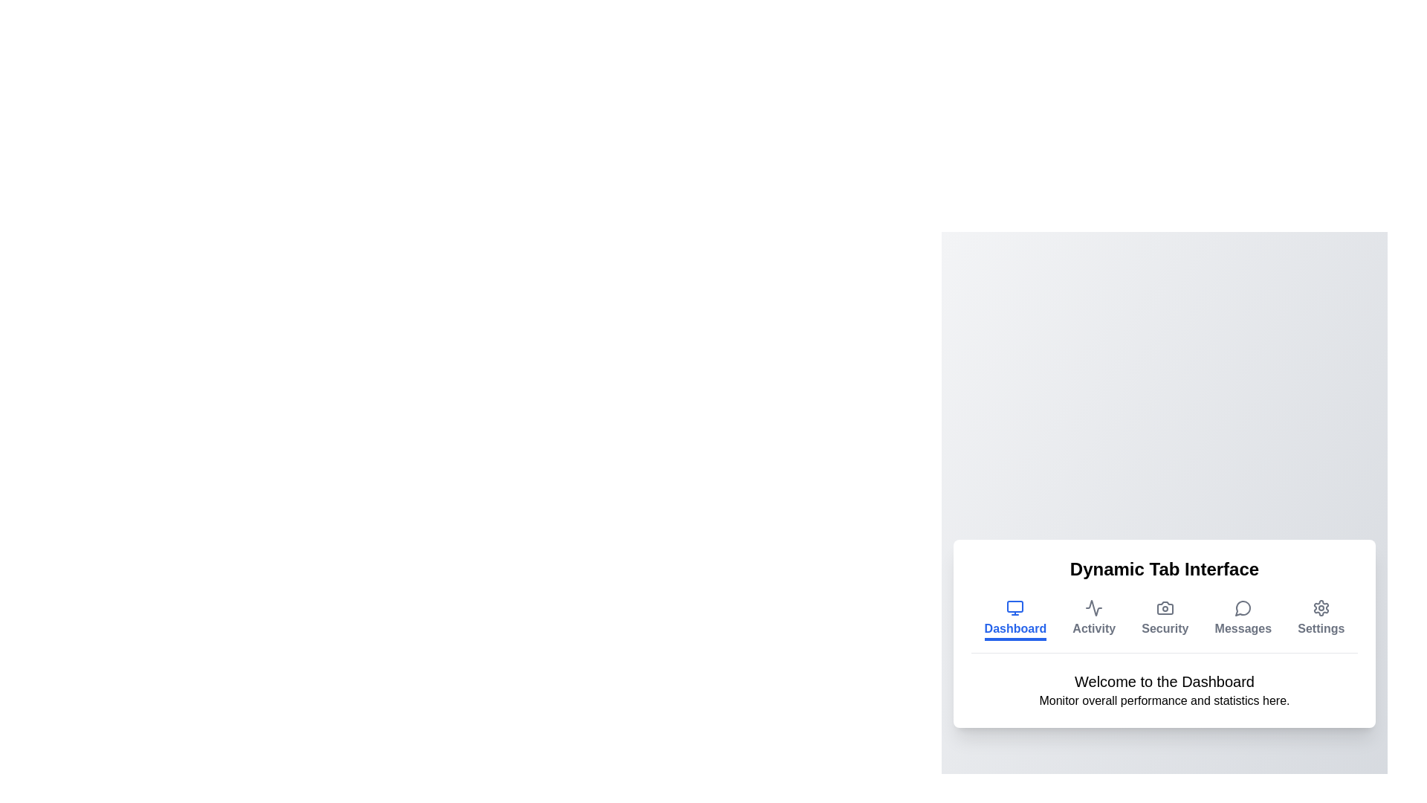 This screenshot has height=803, width=1427. Describe the element at coordinates (1163, 680) in the screenshot. I see `text element displaying 'Welcome to the Dashboard', which is positioned within a card-like panel above the text 'Monitor overall performance and statistics here'` at that location.